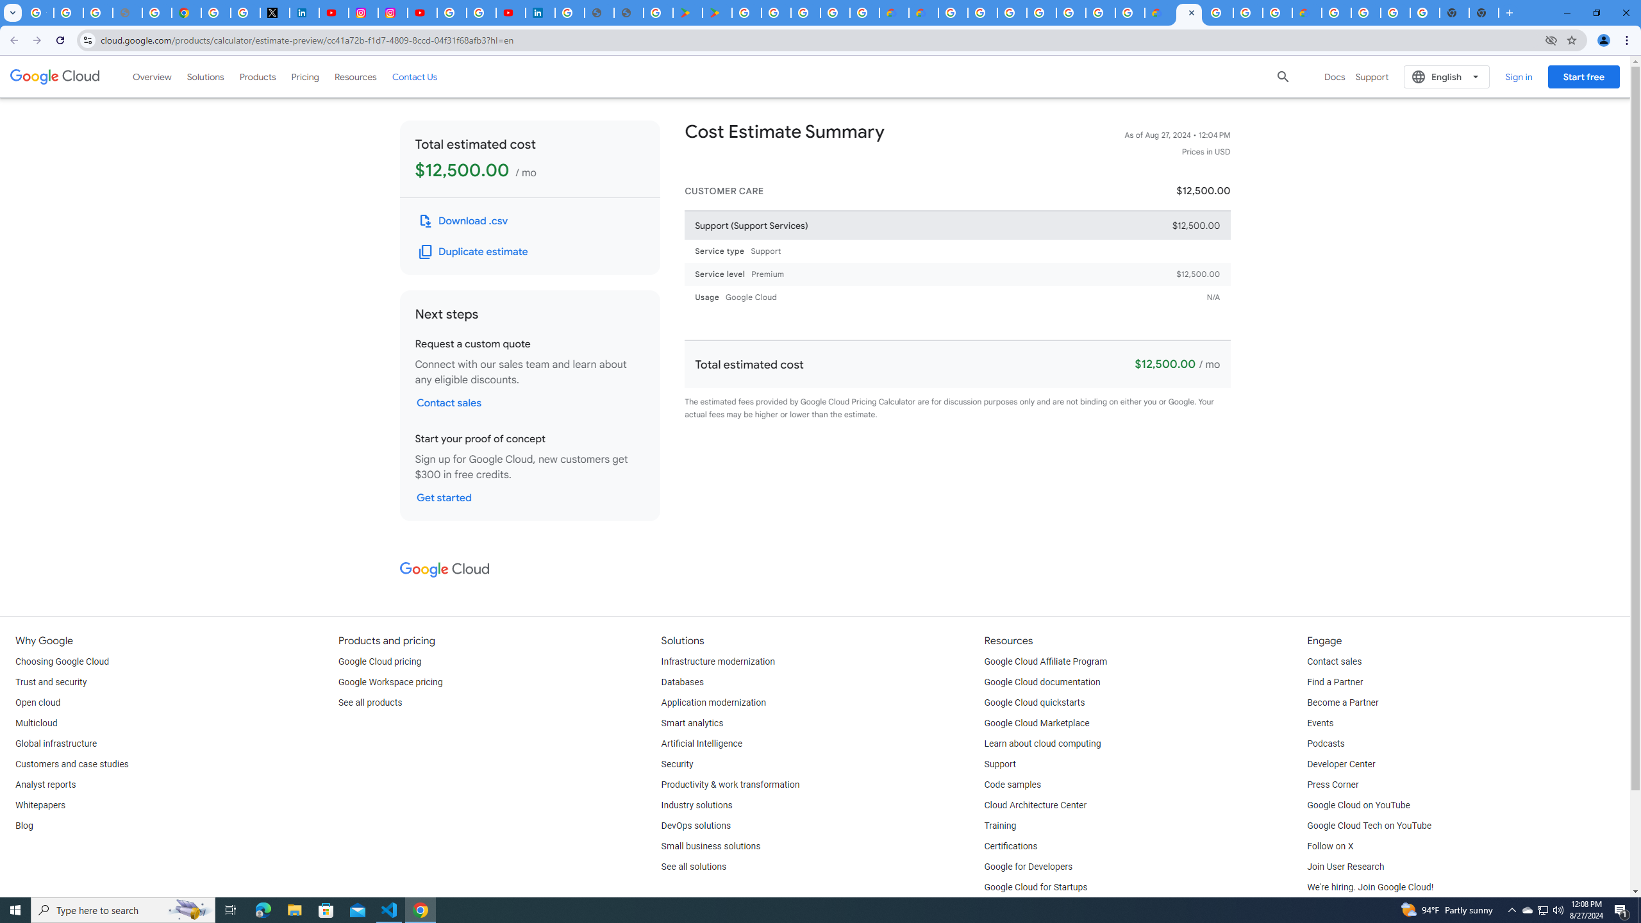 Image resolution: width=1641 pixels, height=923 pixels. Describe the element at coordinates (126, 12) in the screenshot. I see `'support.google.com - Network error'` at that location.